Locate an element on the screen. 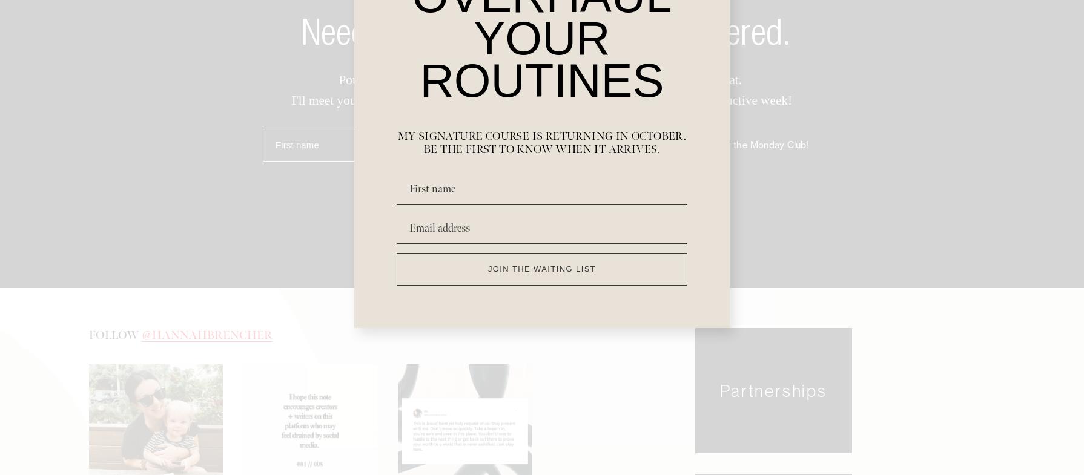 Image resolution: width=1084 pixels, height=475 pixels. 'Blog' is located at coordinates (454, 397).